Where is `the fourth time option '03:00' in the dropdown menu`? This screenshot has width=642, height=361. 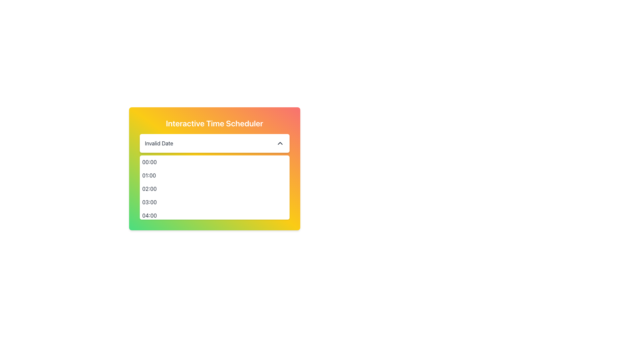
the fourth time option '03:00' in the dropdown menu is located at coordinates (214, 202).